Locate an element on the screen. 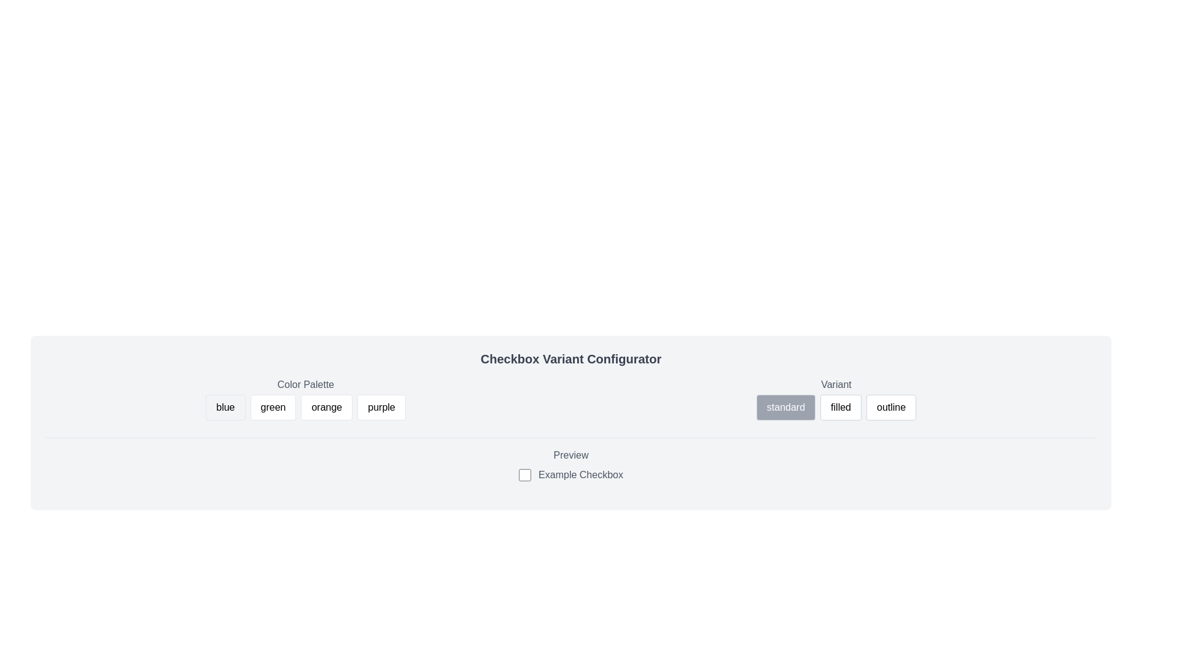 This screenshot has height=663, width=1179. the 'outline' button located at the rightmost side within the 'Variant' section is located at coordinates (890, 407).